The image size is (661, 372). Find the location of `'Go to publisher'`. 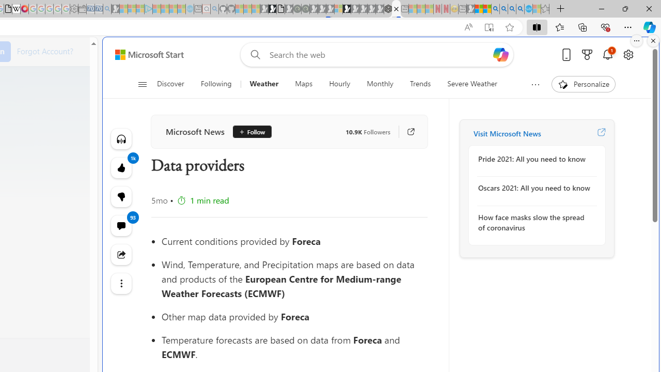

'Go to publisher' is located at coordinates (405, 131).